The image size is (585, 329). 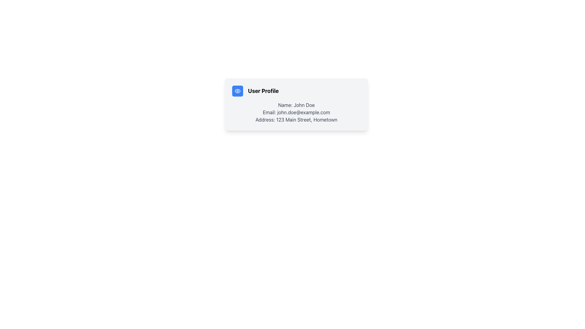 I want to click on the Text Block that presents user-related information, located centrally below the 'User Profile' title, so click(x=296, y=112).